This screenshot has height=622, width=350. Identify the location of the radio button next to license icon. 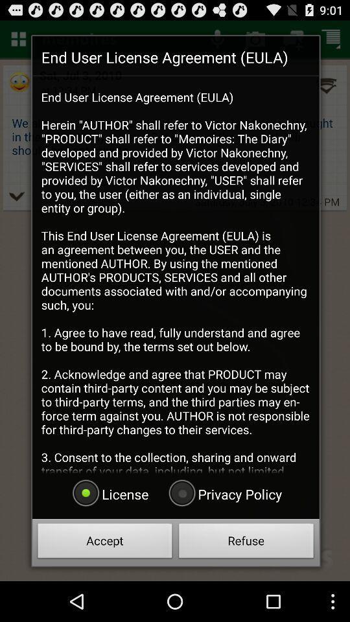
(223, 493).